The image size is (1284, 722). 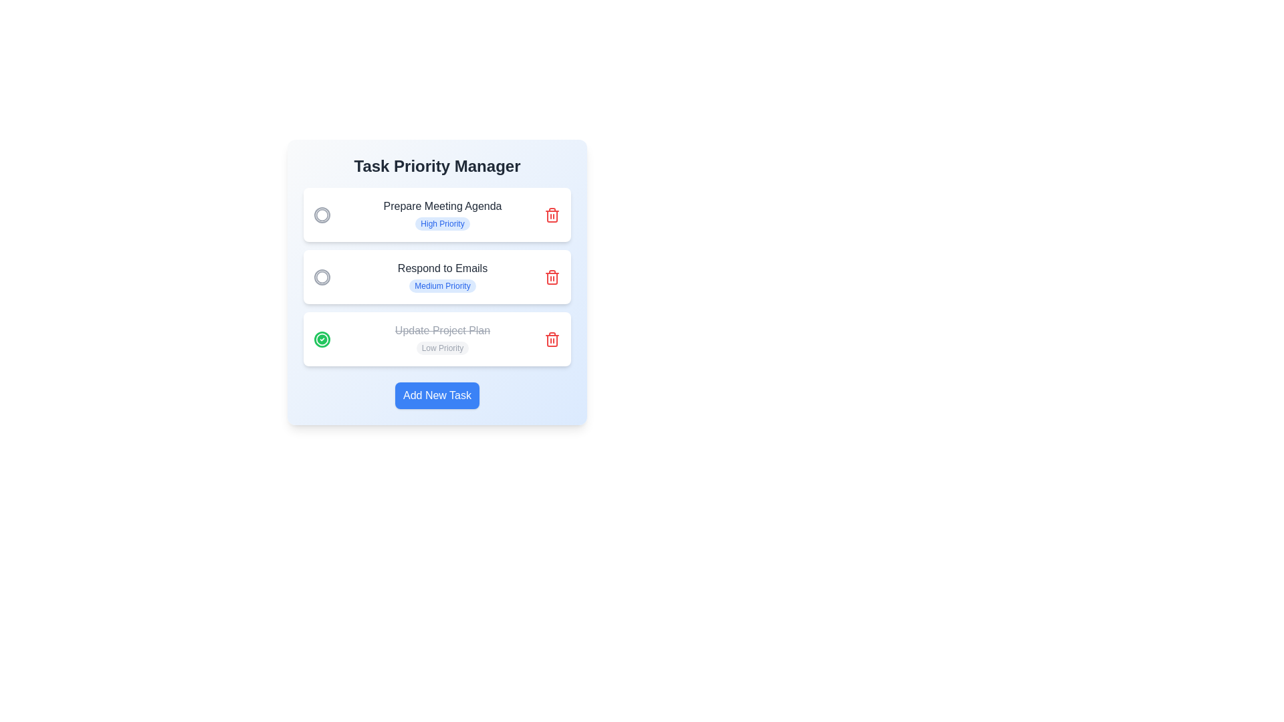 I want to click on the text label displaying 'Respond to Emails', which is styled in a medium-sized dark-gray font and is located within the second task entry of the task list, so click(x=443, y=268).